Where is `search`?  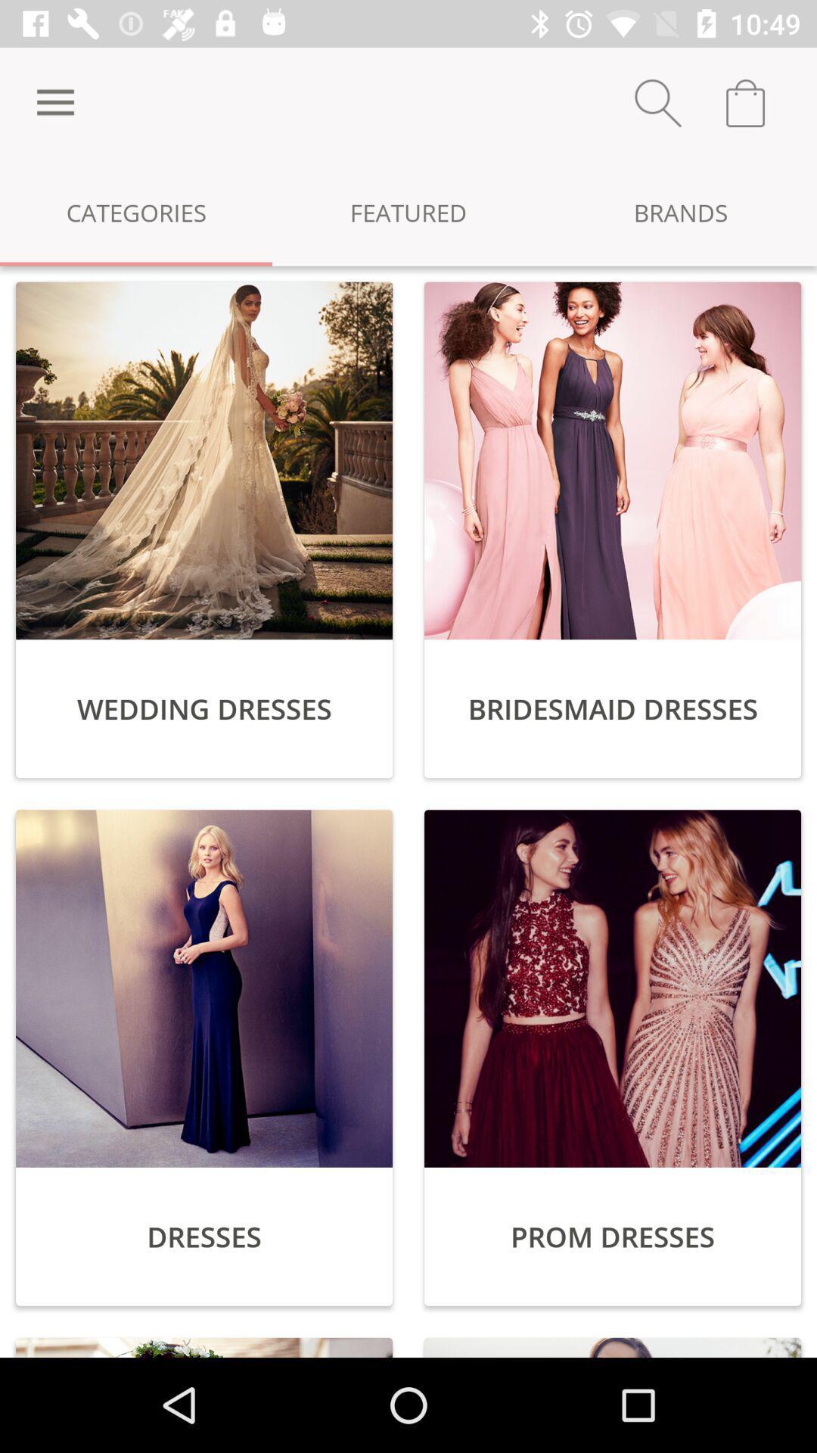
search is located at coordinates (657, 102).